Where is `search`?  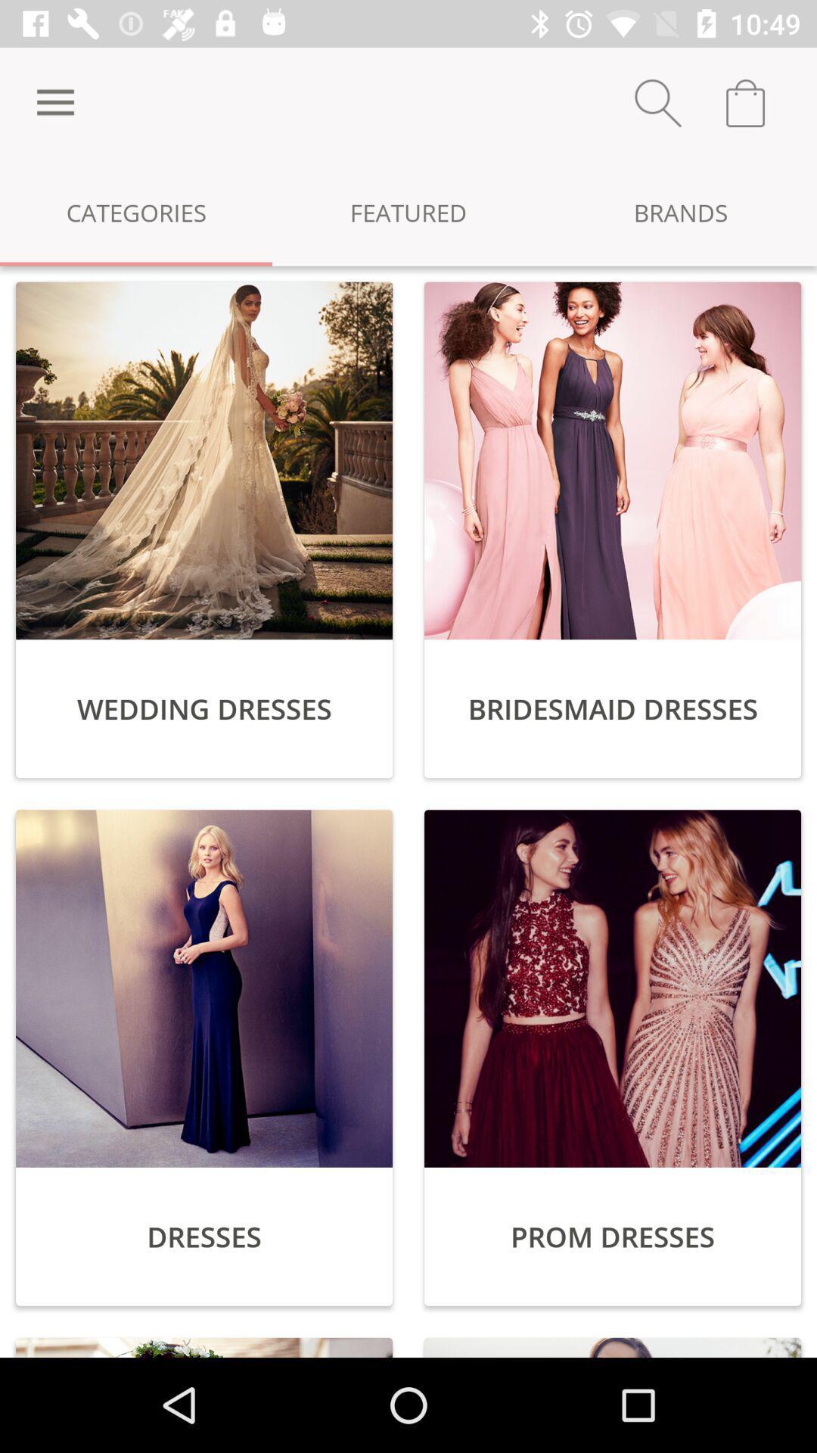
search is located at coordinates (657, 102).